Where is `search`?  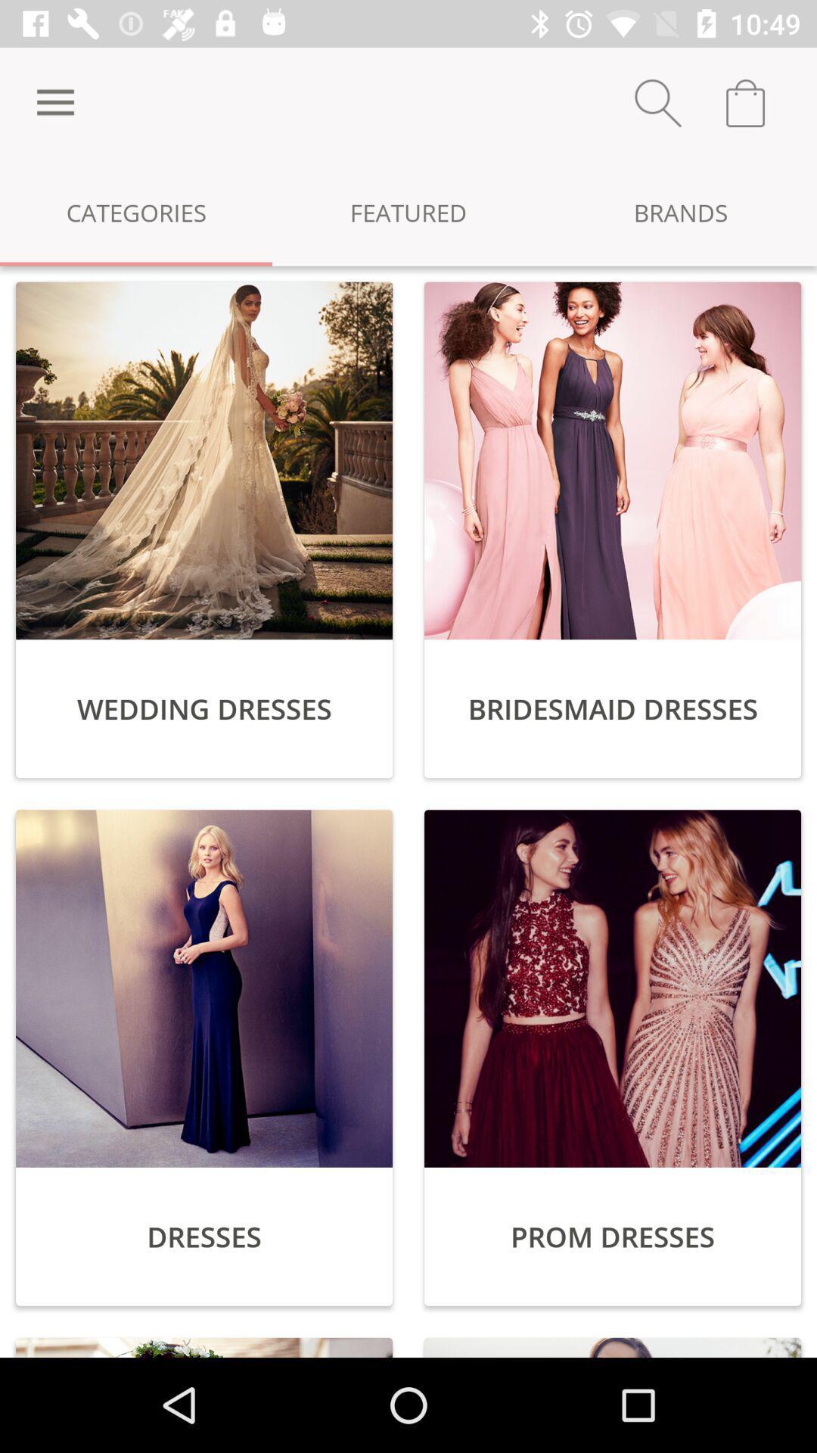
search is located at coordinates (657, 102).